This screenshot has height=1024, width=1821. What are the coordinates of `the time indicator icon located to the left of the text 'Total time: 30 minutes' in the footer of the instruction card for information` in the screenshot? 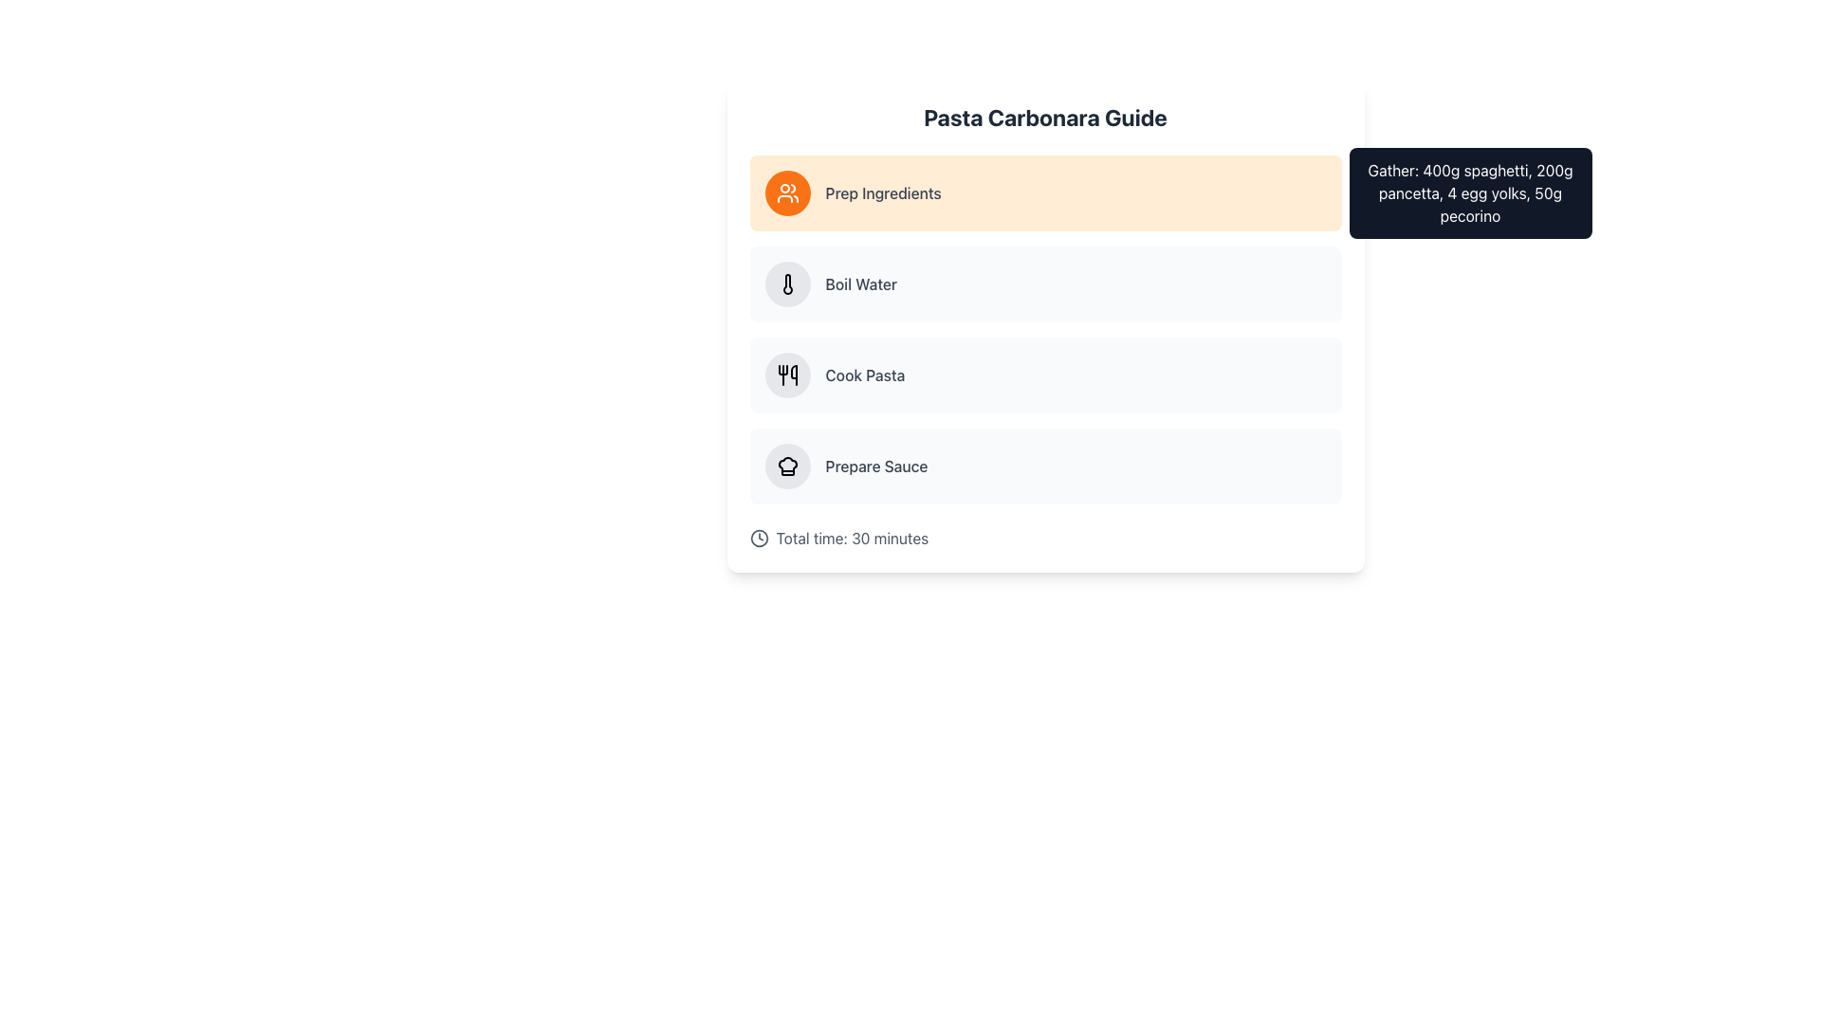 It's located at (759, 538).